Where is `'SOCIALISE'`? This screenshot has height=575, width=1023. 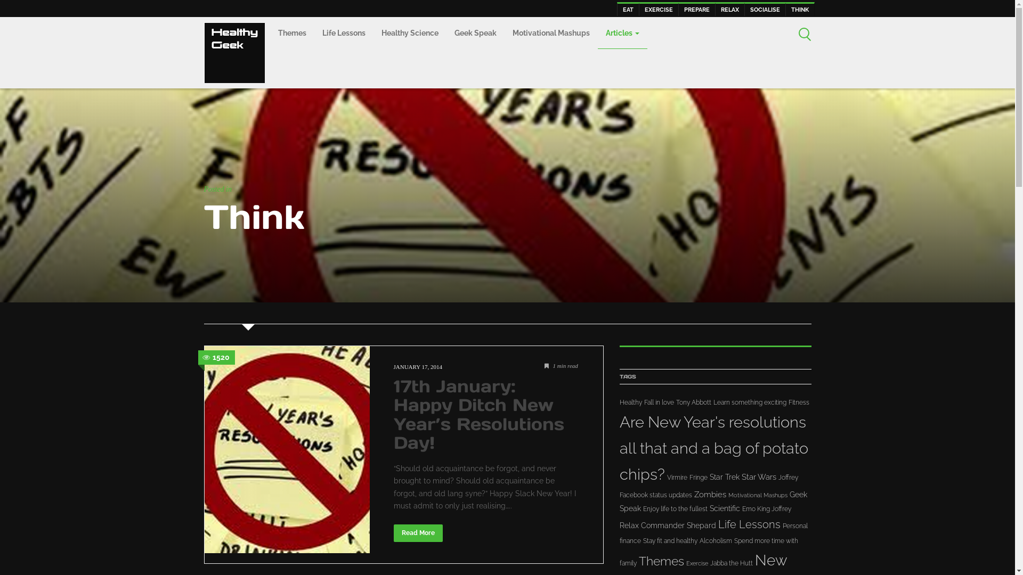 'SOCIALISE' is located at coordinates (764, 9).